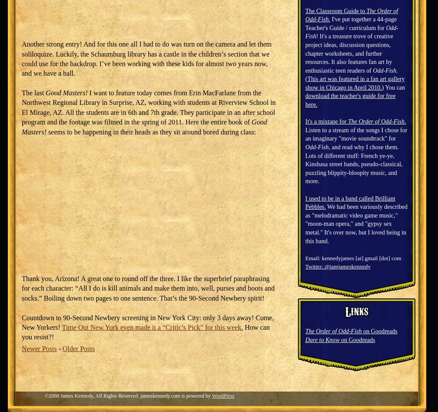 Image resolution: width=438 pixels, height=412 pixels. What do you see at coordinates (33, 93) in the screenshot?
I see `'The last'` at bounding box center [33, 93].